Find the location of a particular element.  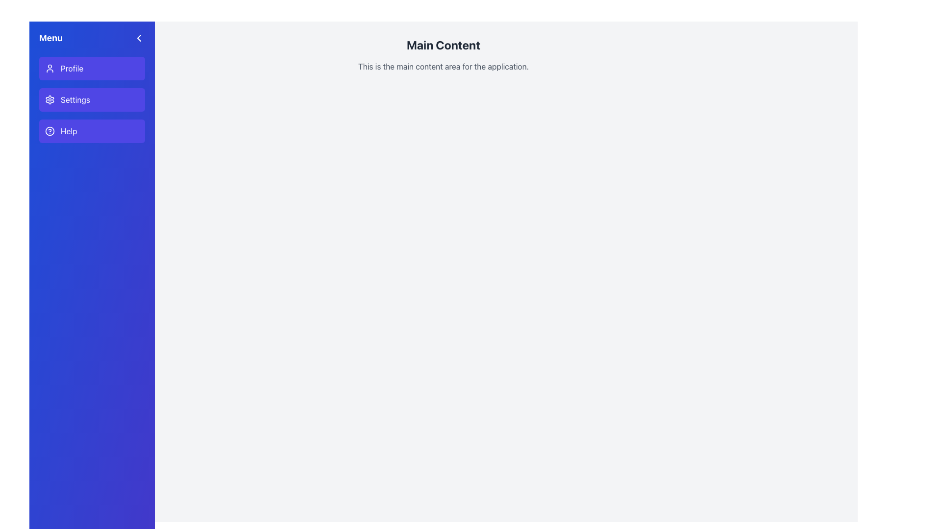

the help button, which is the third item in the vertical navigation list on the left panel, positioned between the 'Settings' button and the bottom edge of the panel, to possibly display a tooltip is located at coordinates (92, 130).